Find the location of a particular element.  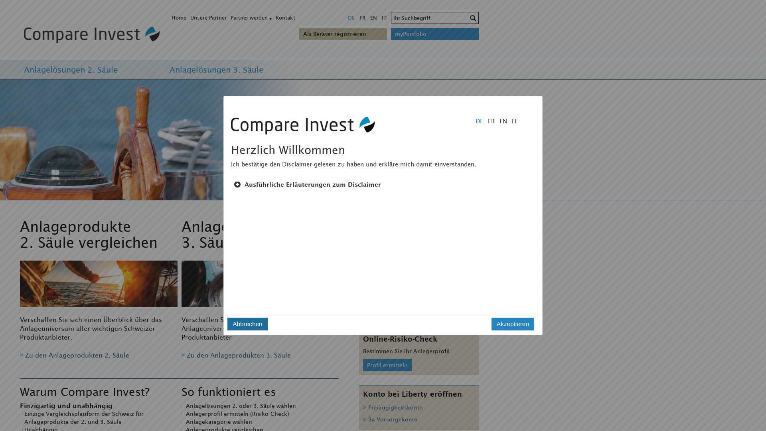

'EN' is located at coordinates (373, 18).